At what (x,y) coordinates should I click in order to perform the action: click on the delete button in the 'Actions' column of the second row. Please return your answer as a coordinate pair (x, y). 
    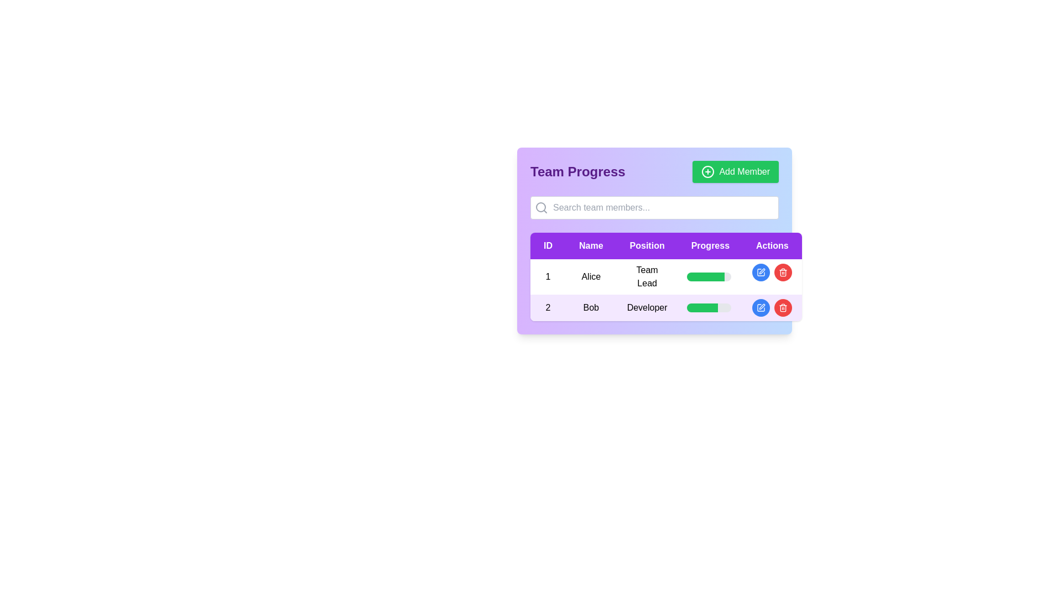
    Looking at the image, I should click on (783, 307).